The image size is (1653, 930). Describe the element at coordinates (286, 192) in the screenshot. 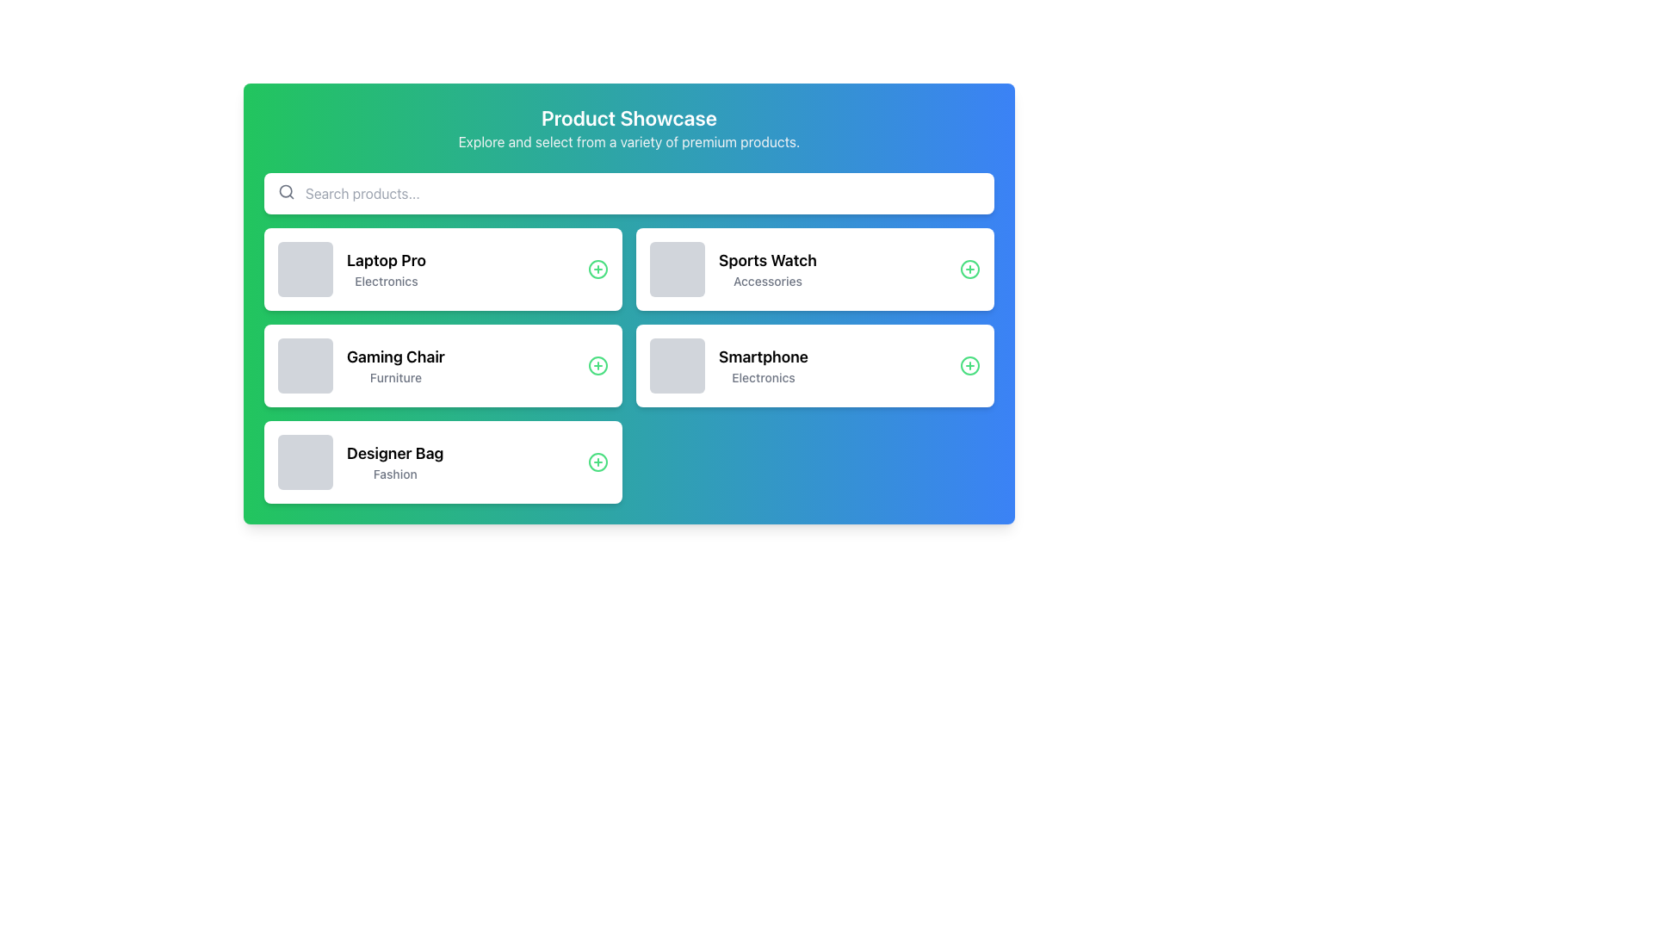

I see `the search icon located on the left side of the search bar, which is aligned vertically with the input area labeled 'Search products...'` at that location.